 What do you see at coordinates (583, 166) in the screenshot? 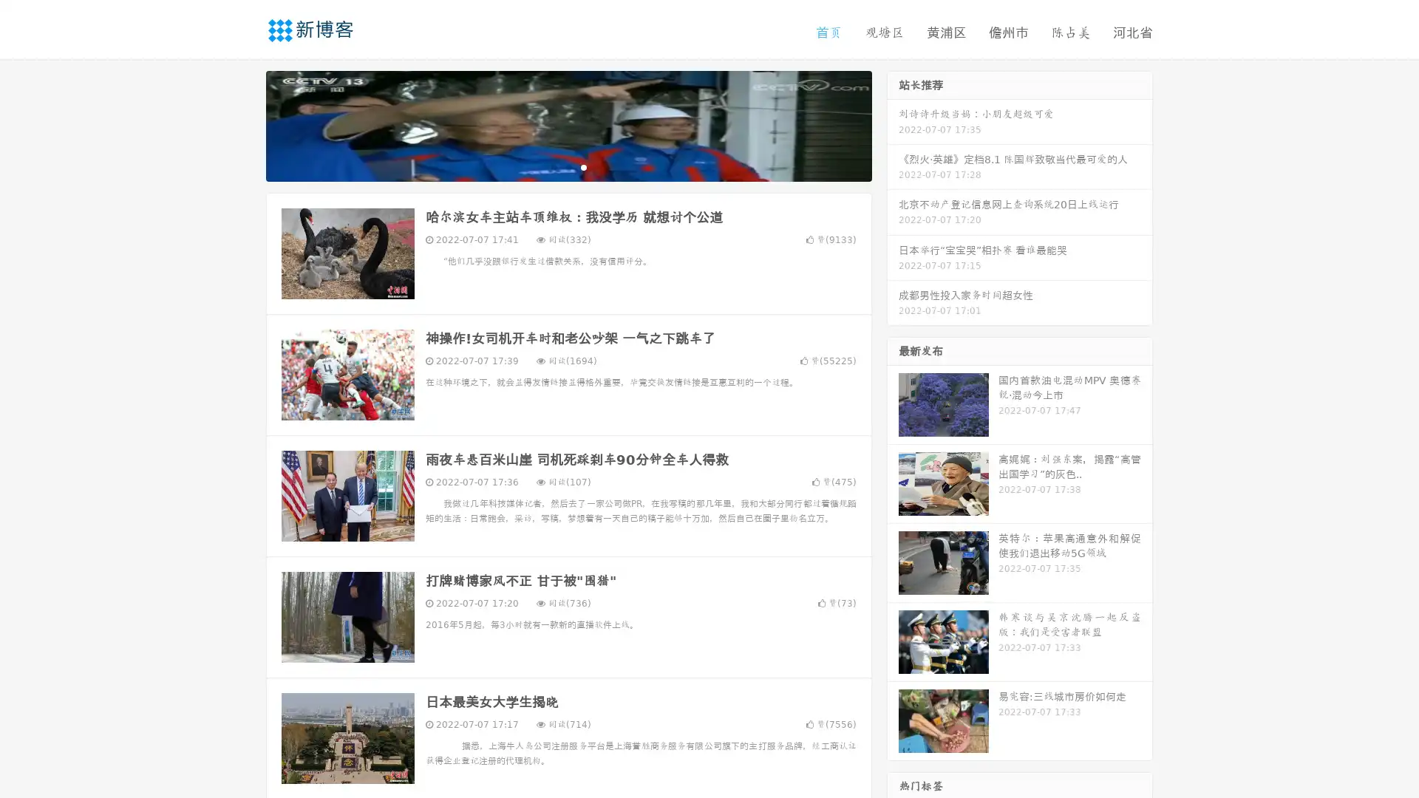
I see `Go to slide 3` at bounding box center [583, 166].